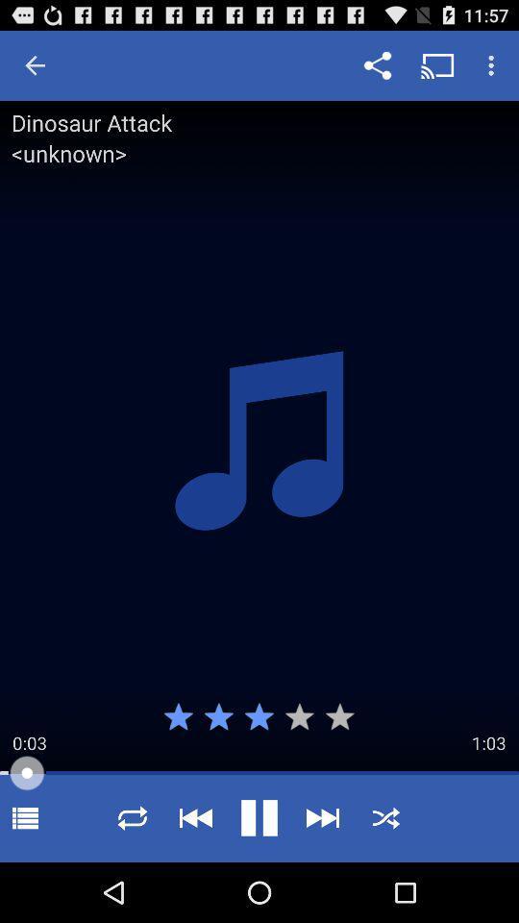 The width and height of the screenshot is (519, 923). I want to click on music list, so click(24, 817).